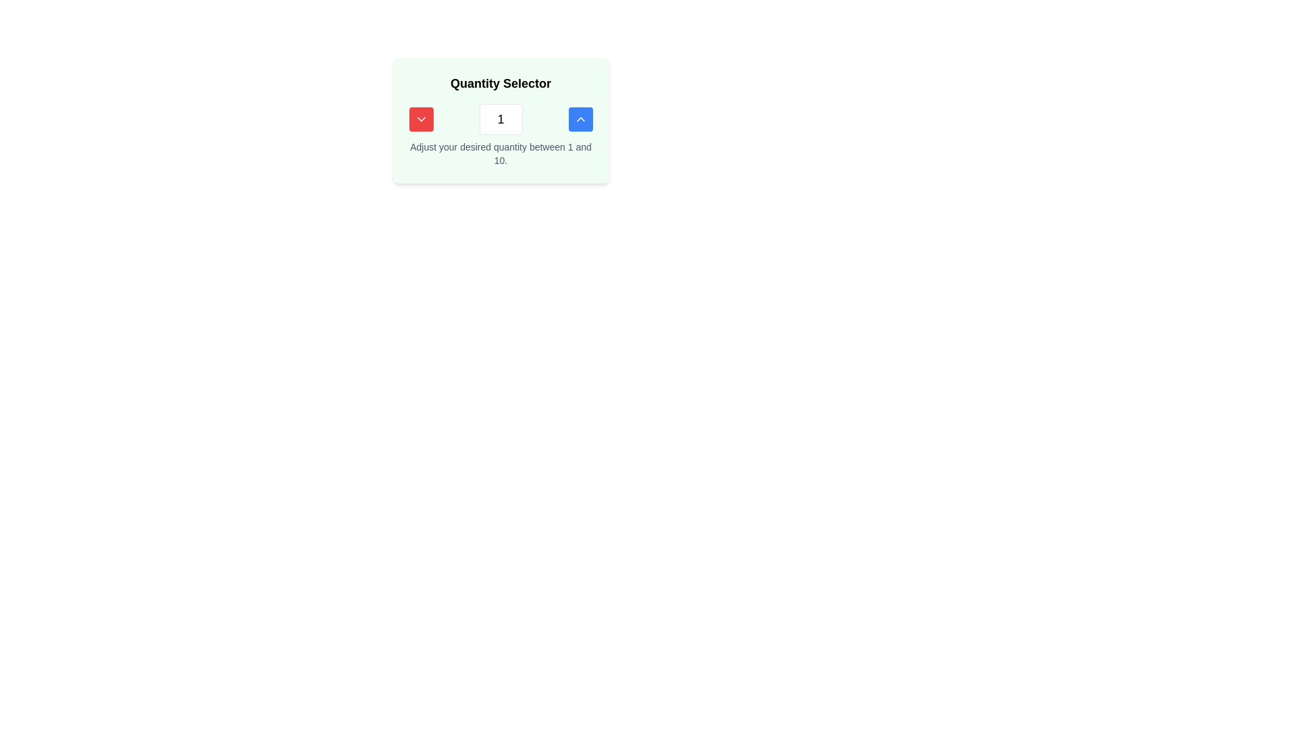 The width and height of the screenshot is (1297, 729). I want to click on the text box of the Quantity Selector located within the card below the title to edit the value, so click(500, 119).